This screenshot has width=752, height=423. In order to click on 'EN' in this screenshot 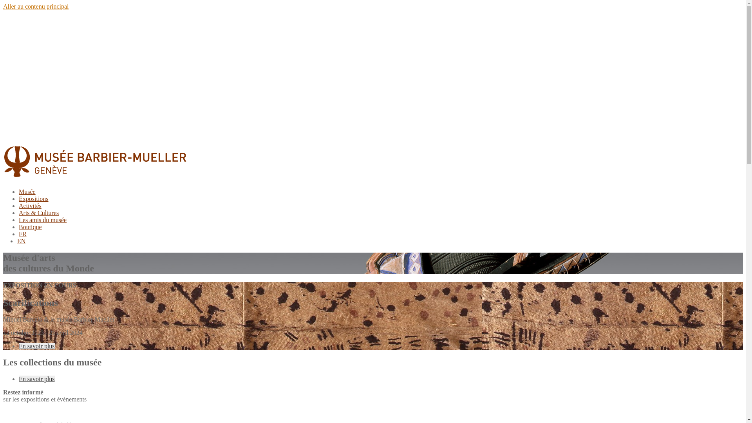, I will do `click(21, 240)`.